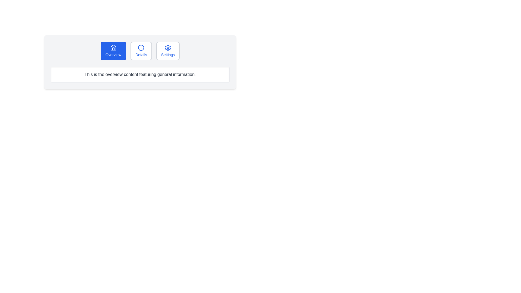 This screenshot has height=293, width=521. I want to click on the Overview tab to observe the hover effect, so click(113, 51).